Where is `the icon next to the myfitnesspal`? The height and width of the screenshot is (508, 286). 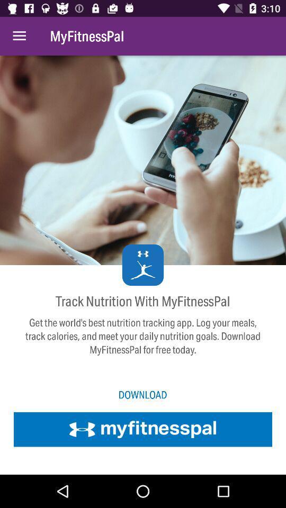 the icon next to the myfitnesspal is located at coordinates (19, 36).